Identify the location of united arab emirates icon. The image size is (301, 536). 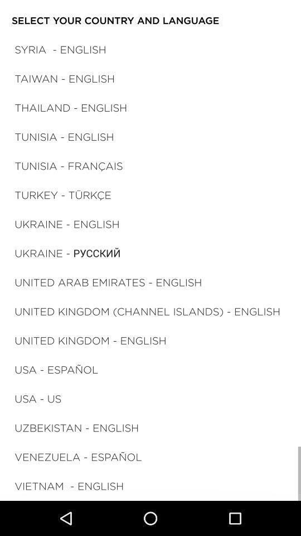
(108, 281).